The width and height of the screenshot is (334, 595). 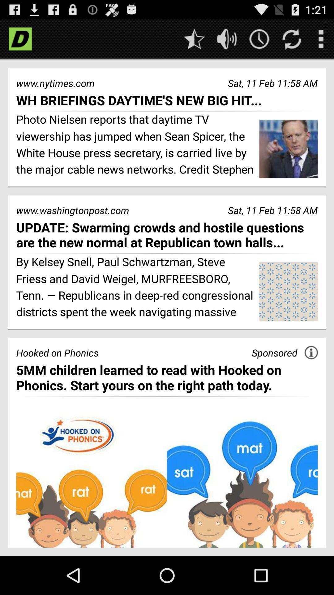 I want to click on the icon below the www.nytimes.com item, so click(x=167, y=100).